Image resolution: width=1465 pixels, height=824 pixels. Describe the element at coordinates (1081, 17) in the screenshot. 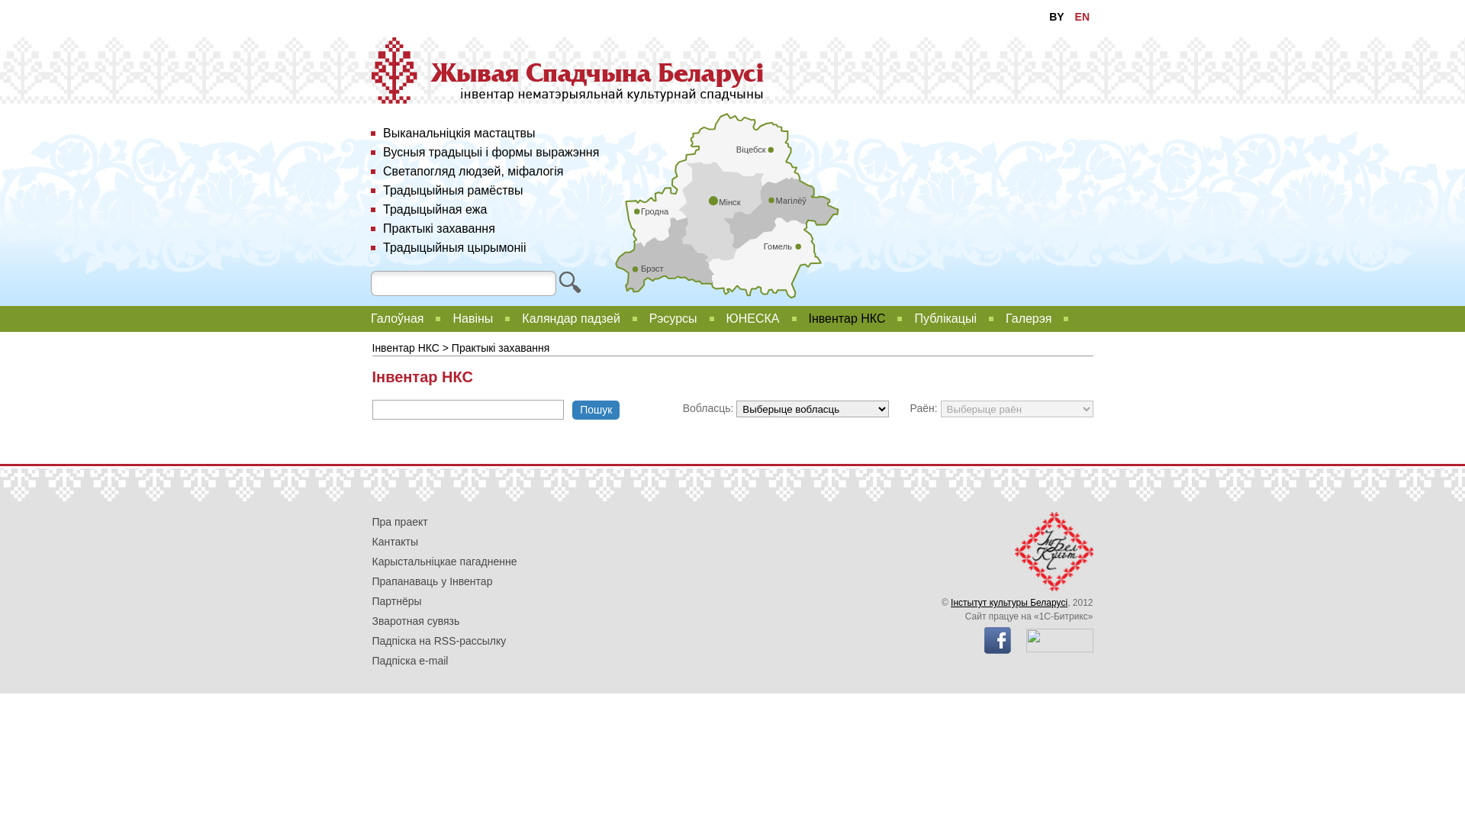

I see `'EN'` at that location.